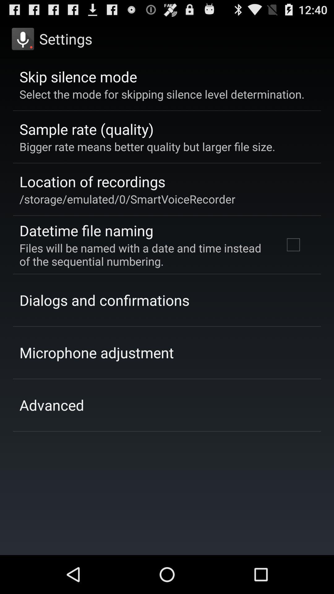 The width and height of the screenshot is (334, 594). I want to click on icon on the right, so click(293, 244).